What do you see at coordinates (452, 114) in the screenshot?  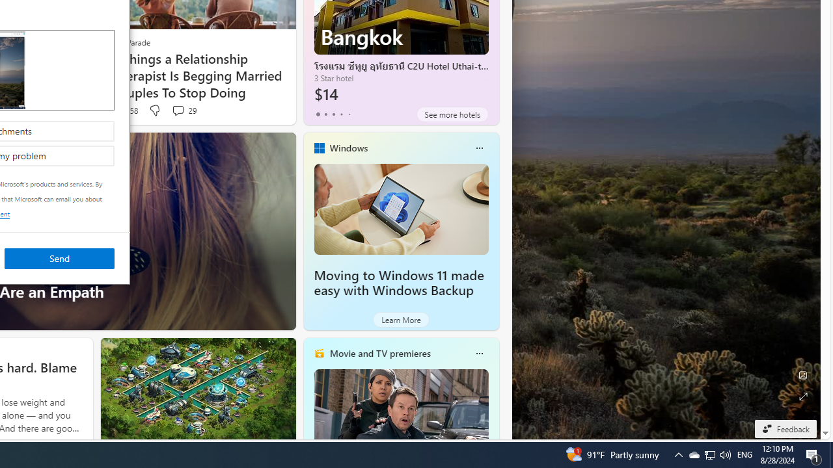 I see `'See more hotels'` at bounding box center [452, 114].